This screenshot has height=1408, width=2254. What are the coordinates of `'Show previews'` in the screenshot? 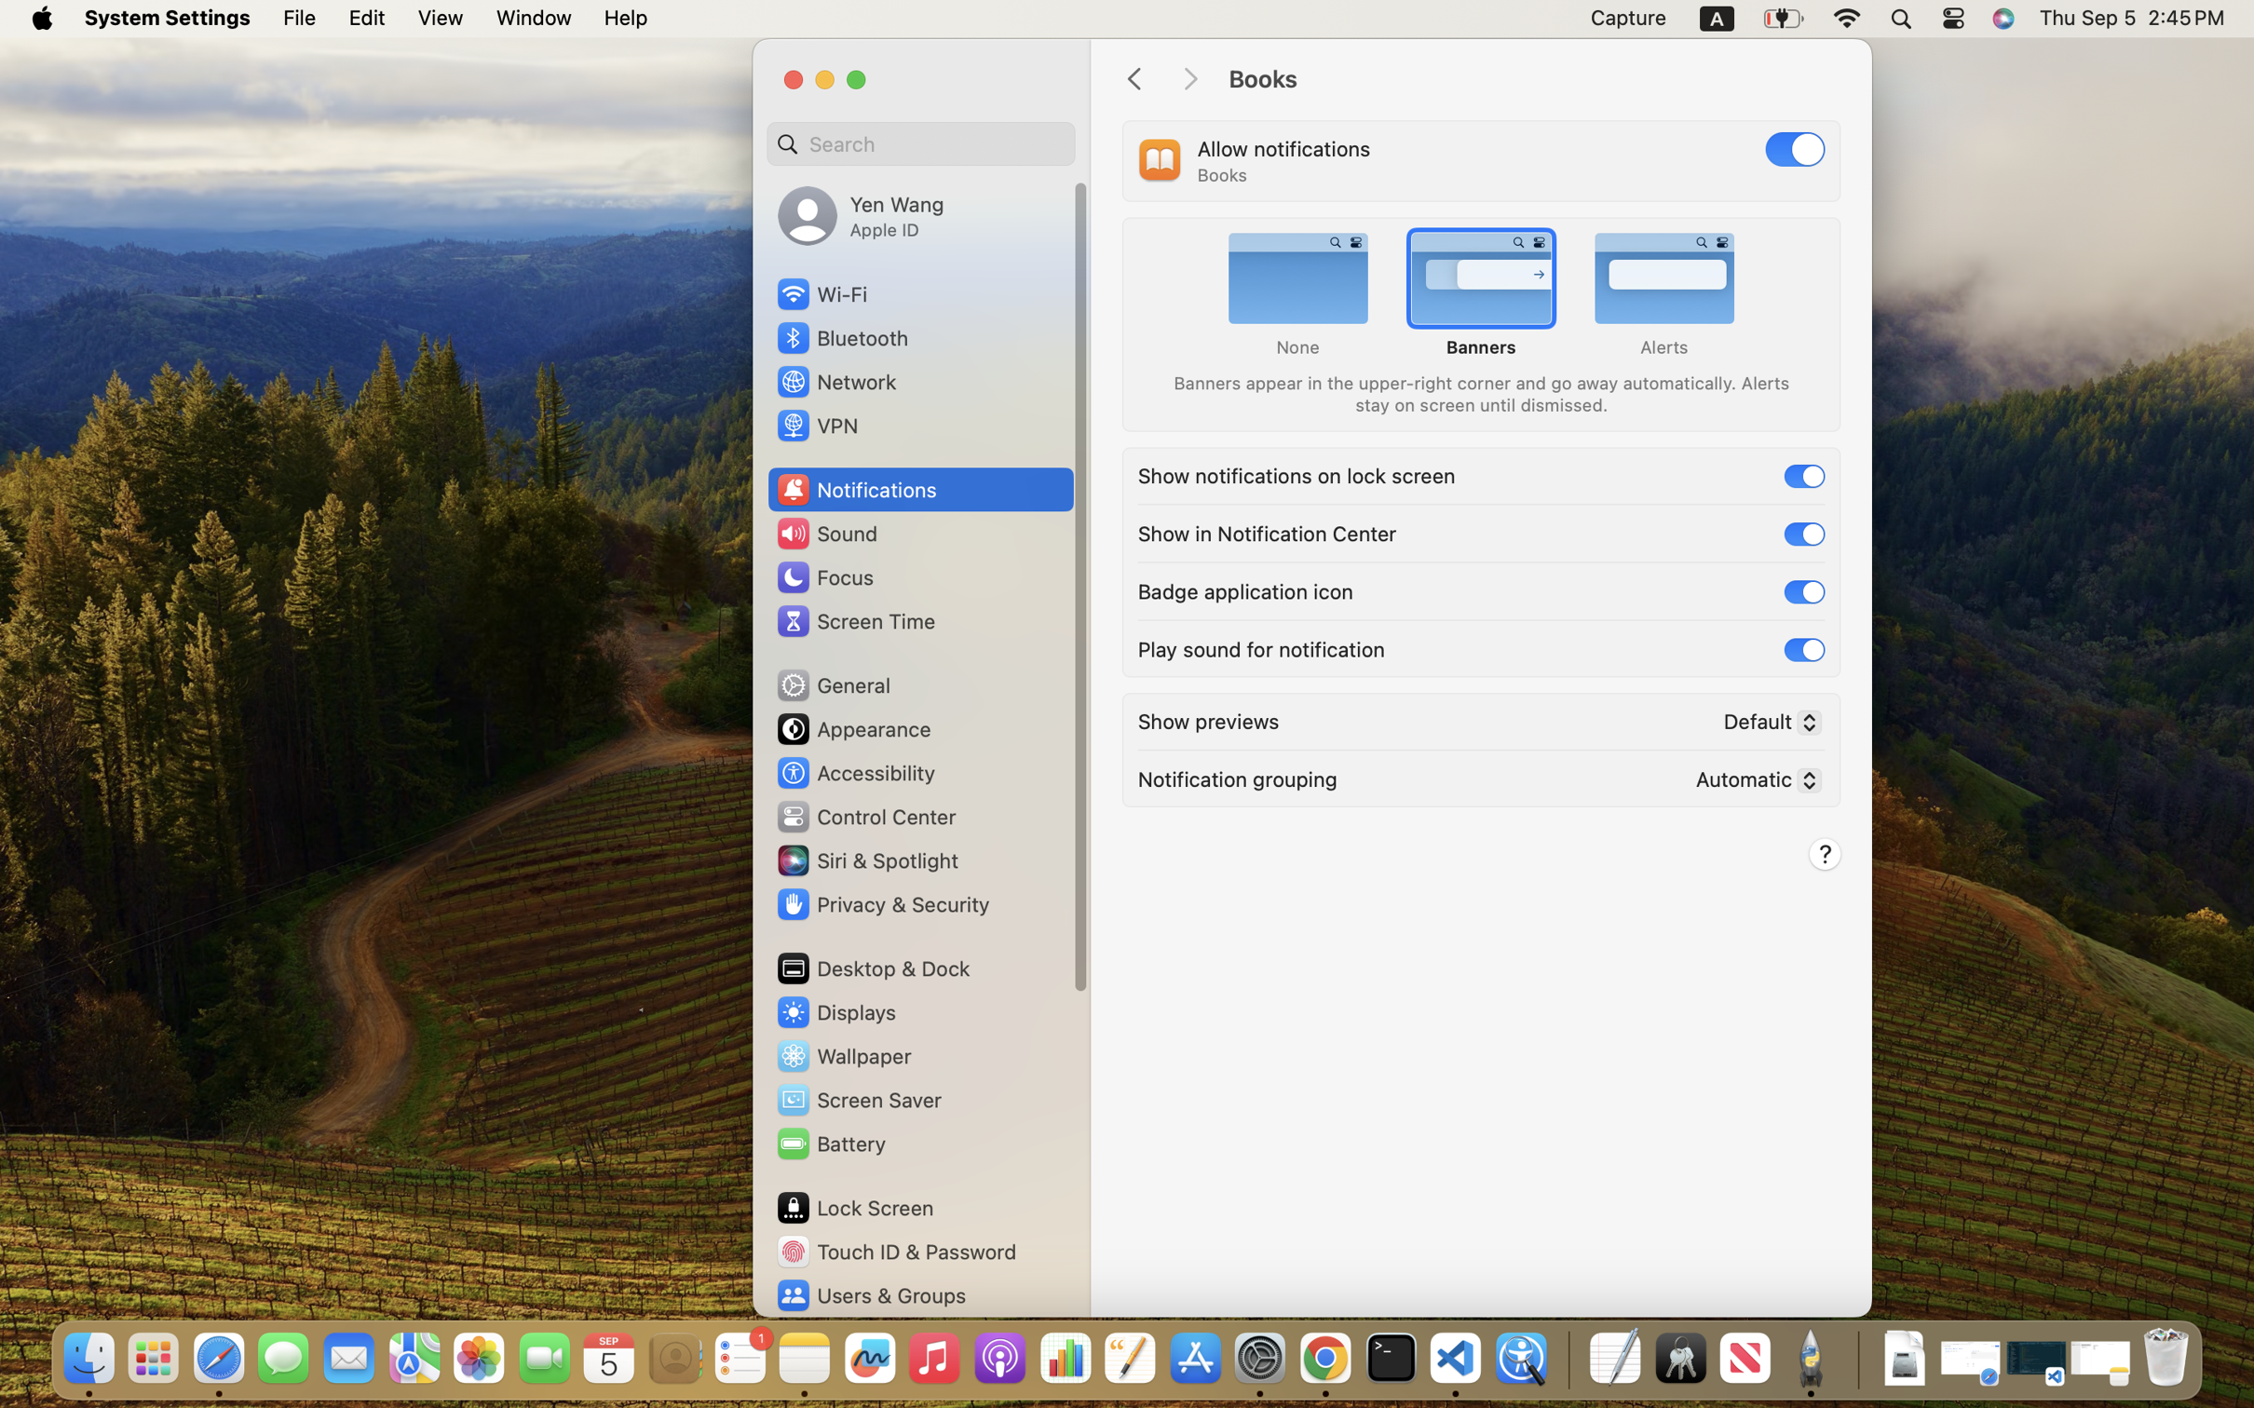 It's located at (1208, 719).